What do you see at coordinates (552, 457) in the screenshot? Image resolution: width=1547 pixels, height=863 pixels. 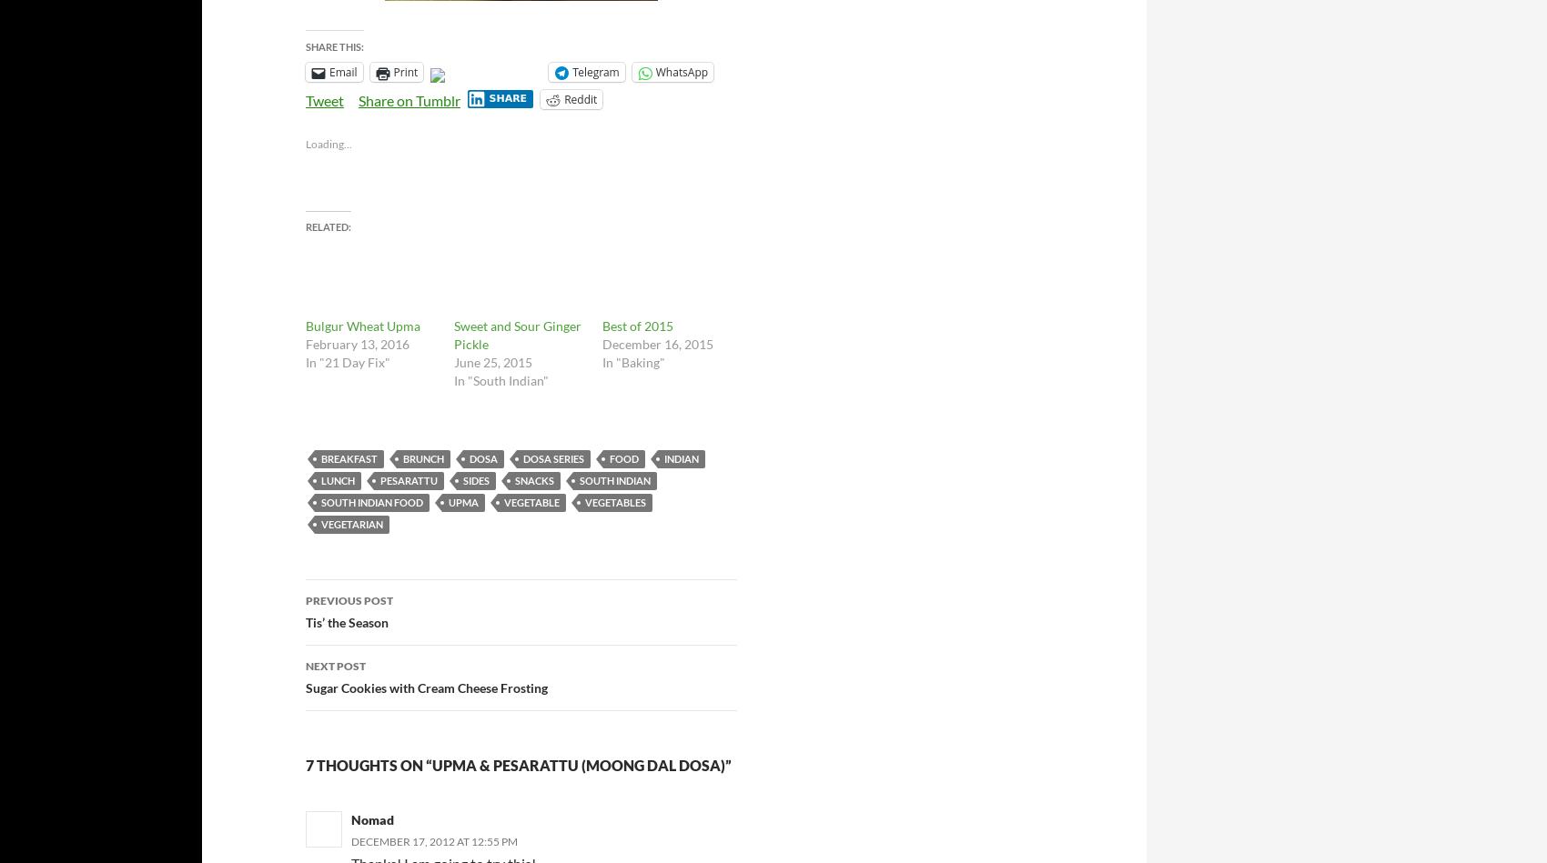 I see `'dosa series'` at bounding box center [552, 457].